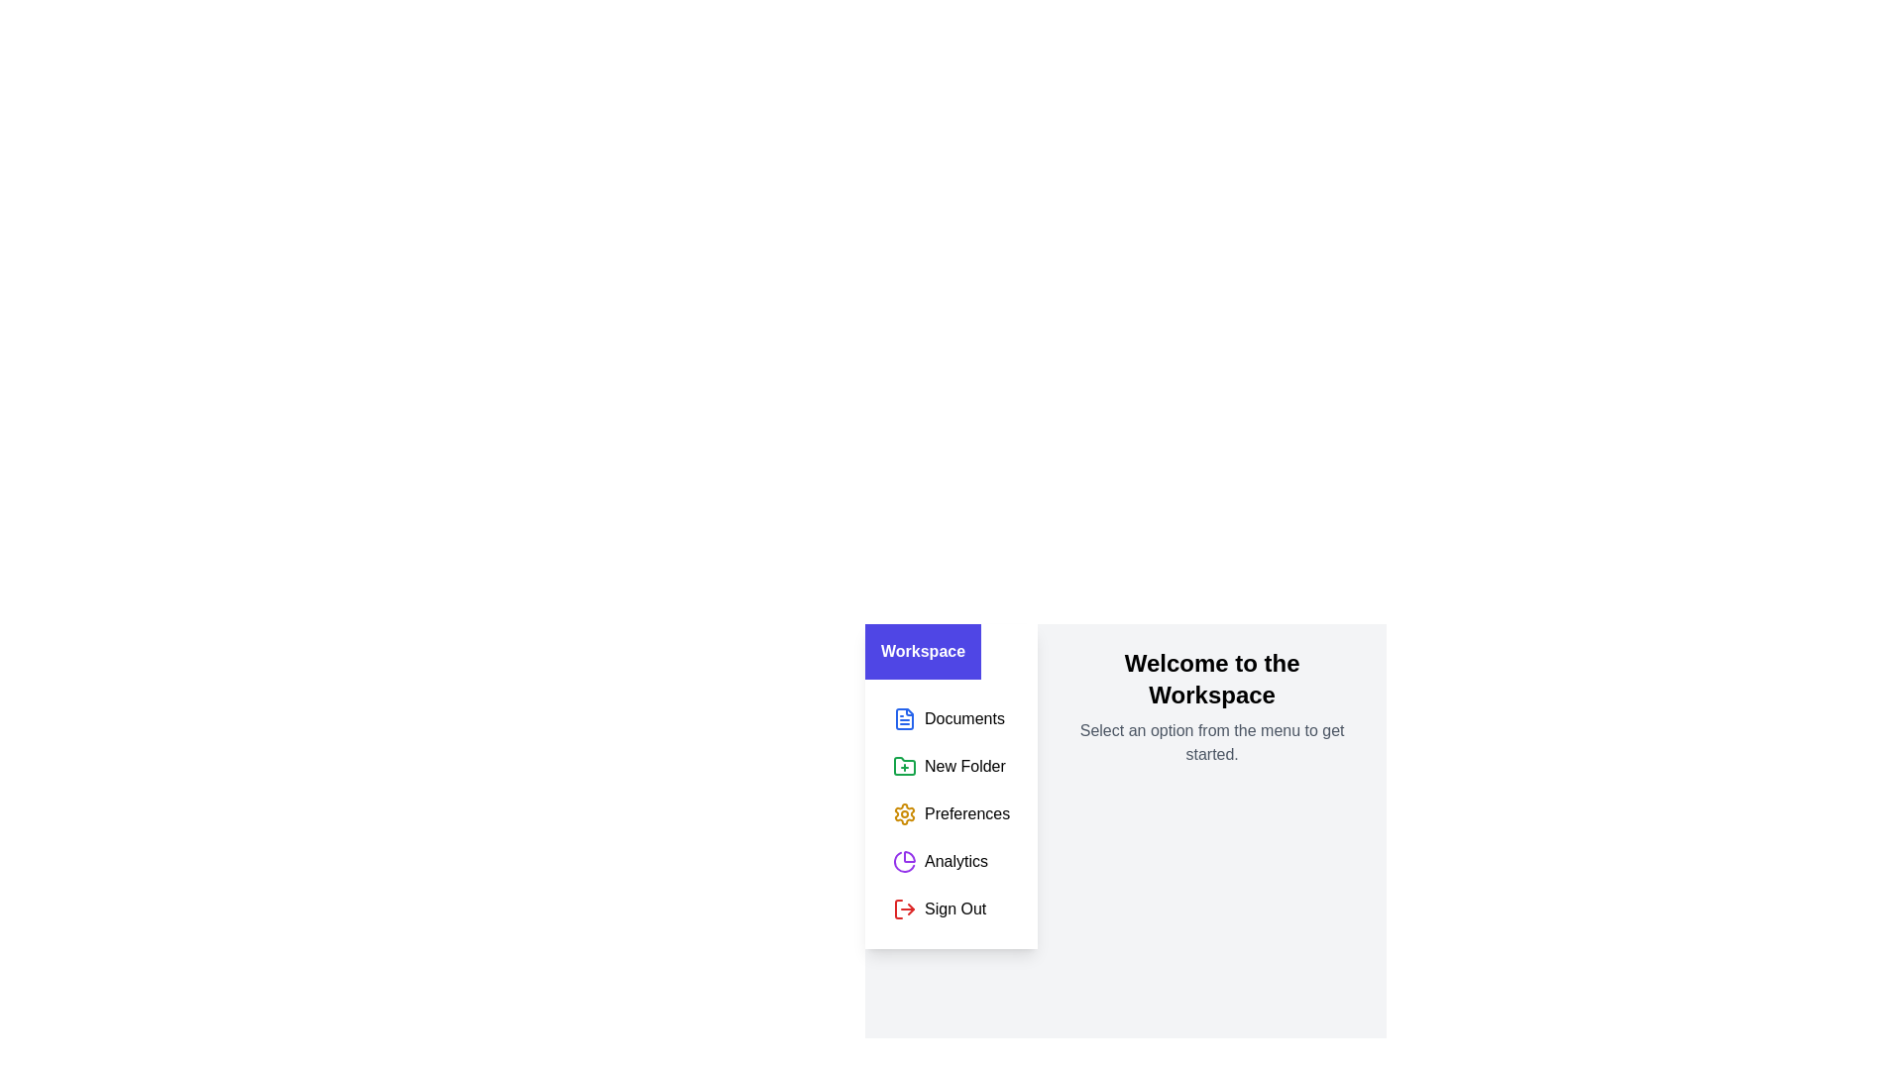  What do you see at coordinates (951, 813) in the screenshot?
I see `the menu item Preferences to select it` at bounding box center [951, 813].